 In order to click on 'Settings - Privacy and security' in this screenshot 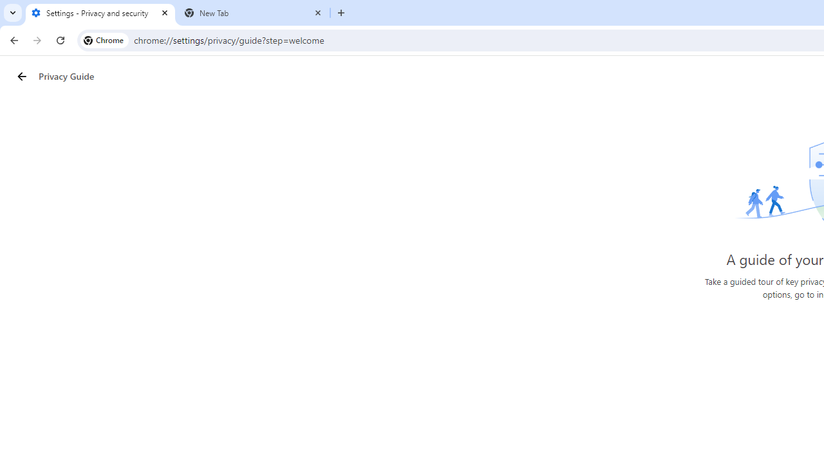, I will do `click(100, 13)`.